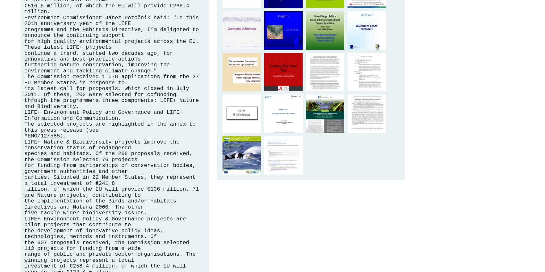  Describe the element at coordinates (230, 159) in the screenshot. I see `'Biodiversity and Climate Change - European Commission'` at that location.